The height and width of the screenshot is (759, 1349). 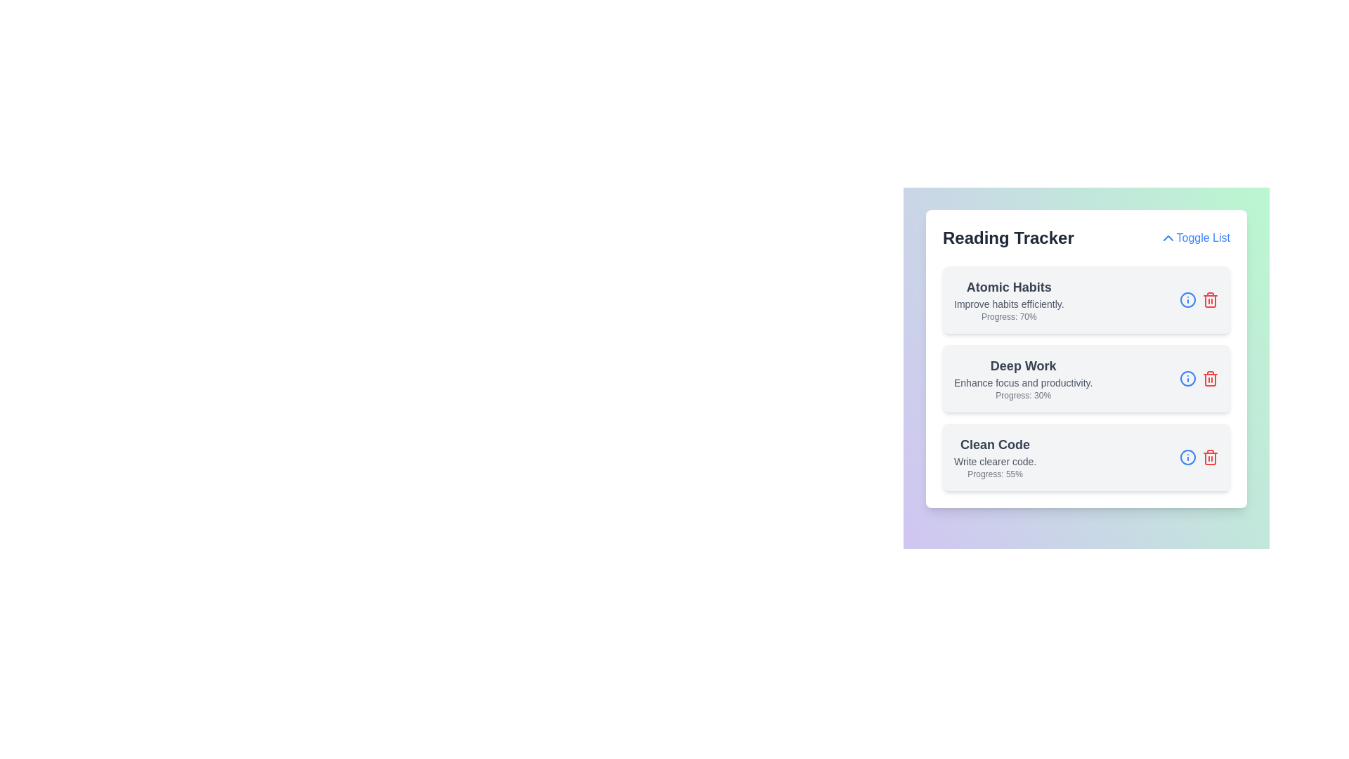 I want to click on the descriptive text label providing information about the item labeled 'Atomic Habits', positioned below the title and above the progress text, so click(x=1008, y=303).